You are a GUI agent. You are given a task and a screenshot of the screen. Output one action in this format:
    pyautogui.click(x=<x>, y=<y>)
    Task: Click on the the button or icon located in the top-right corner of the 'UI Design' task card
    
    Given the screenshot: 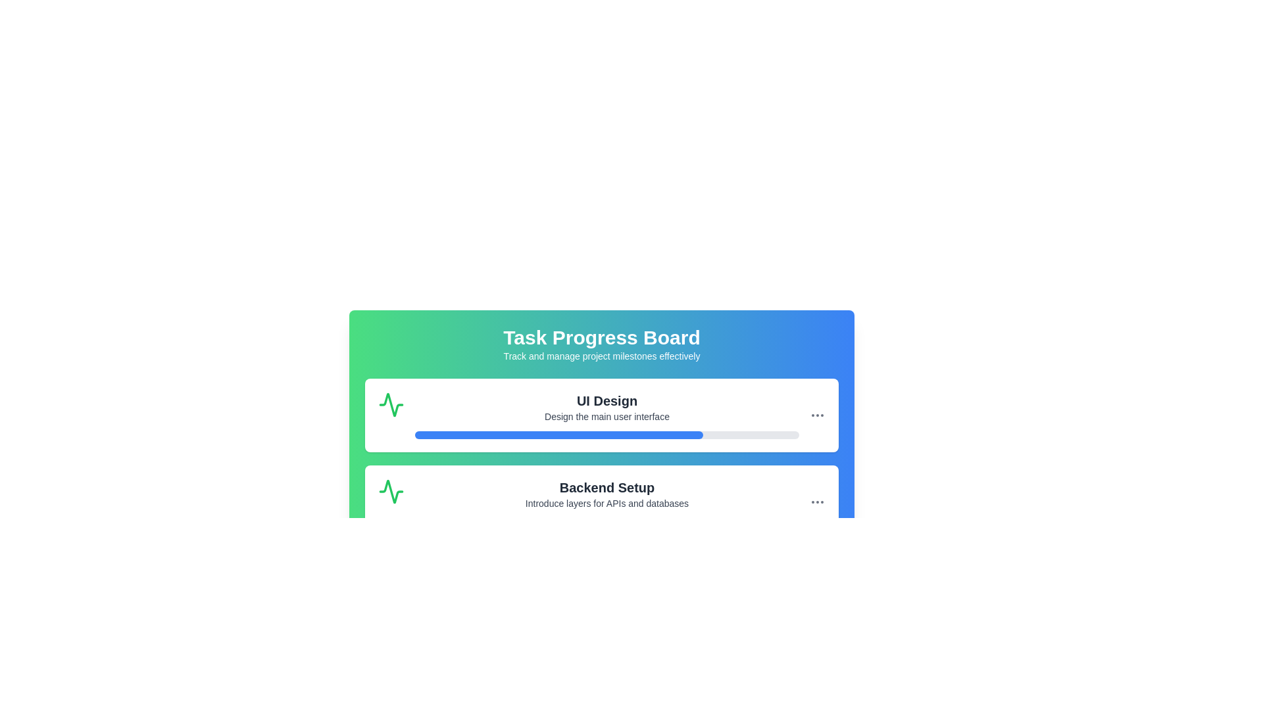 What is the action you would take?
    pyautogui.click(x=817, y=502)
    